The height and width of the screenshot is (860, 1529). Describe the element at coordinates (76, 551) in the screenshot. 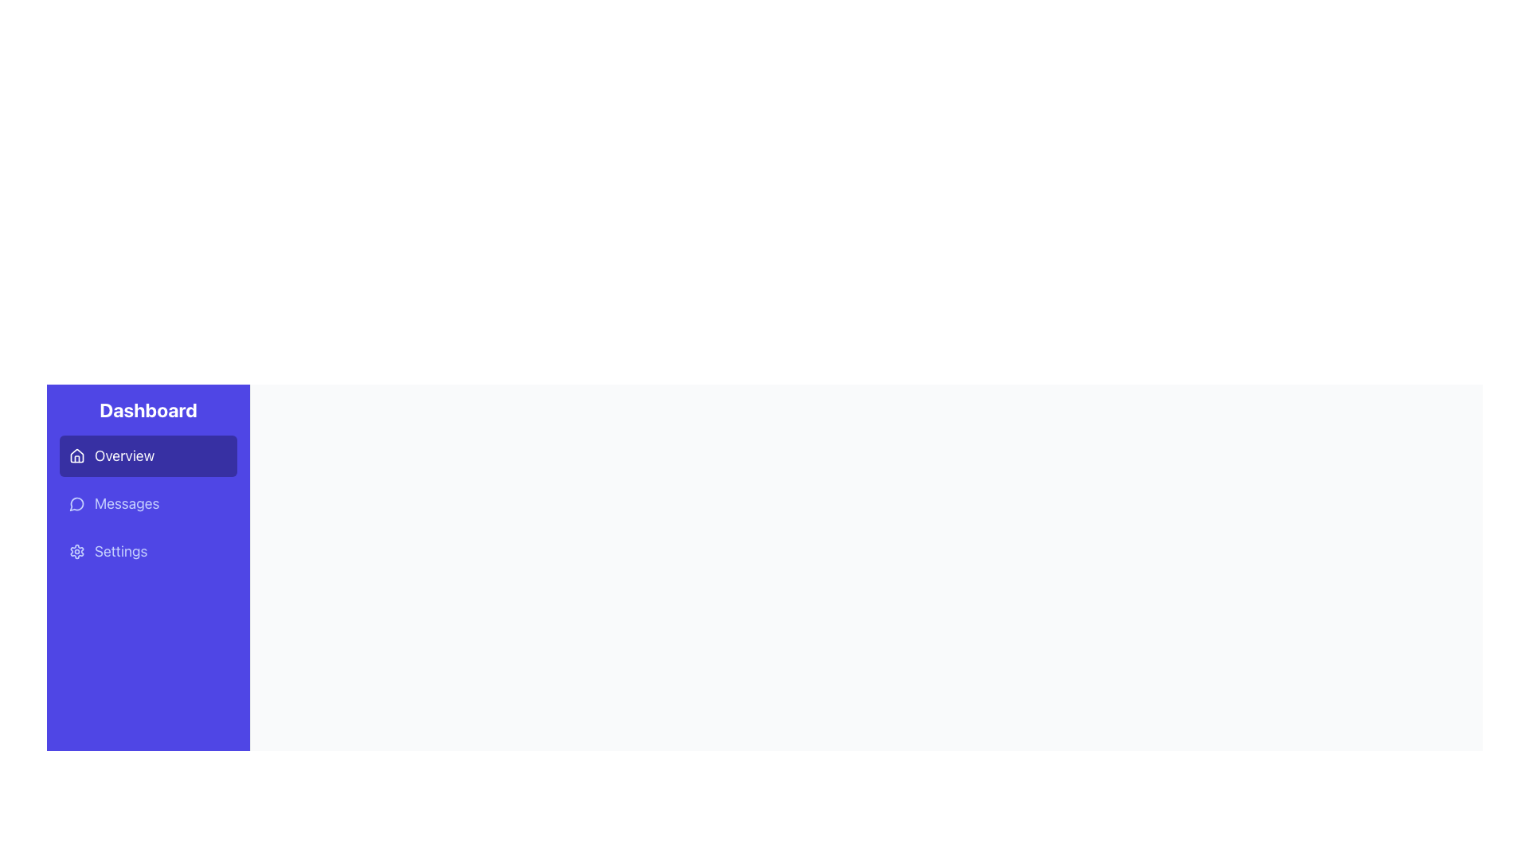

I see `the gear-shaped settings icon located in the sidebar` at that location.